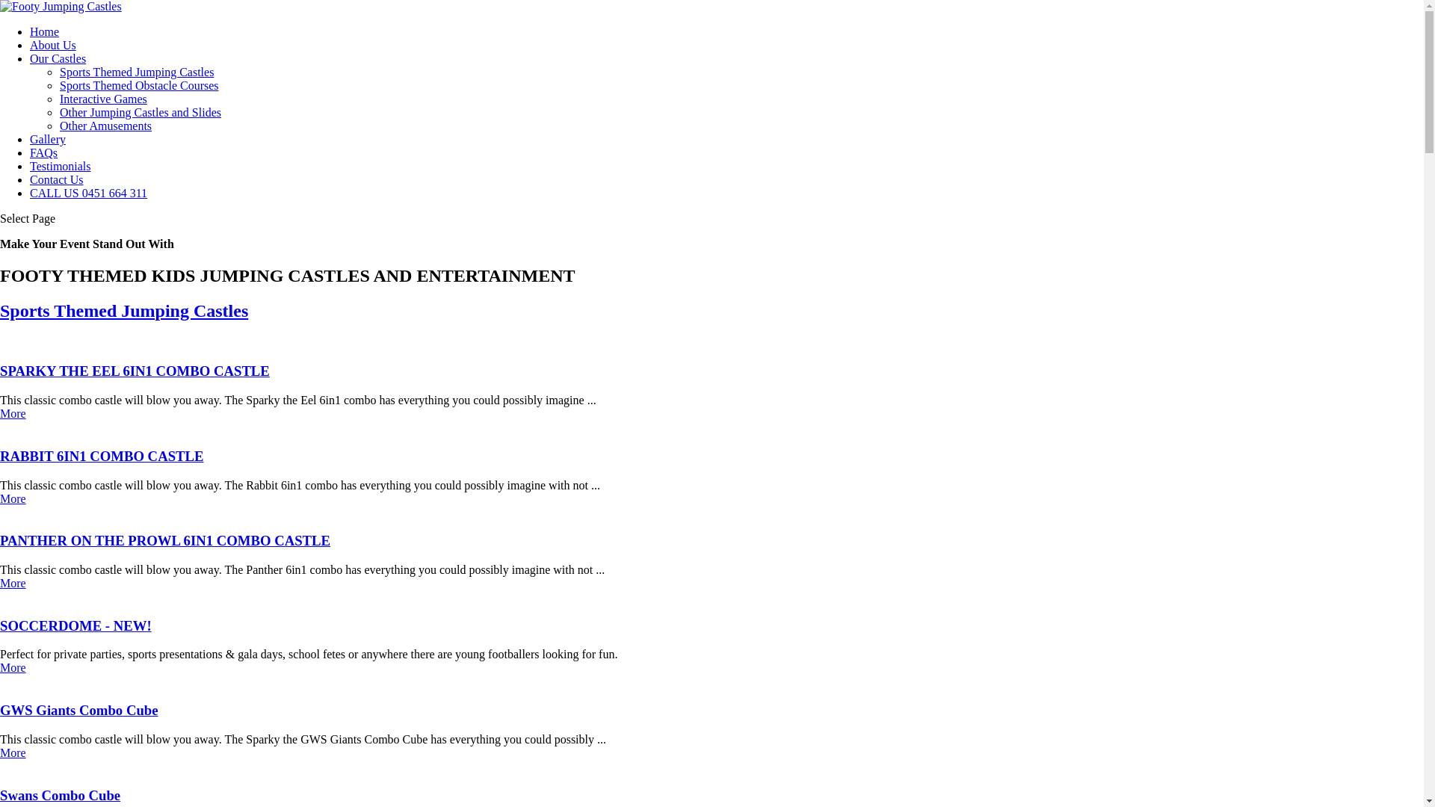 This screenshot has height=807, width=1435. I want to click on 'About Us', so click(53, 44).